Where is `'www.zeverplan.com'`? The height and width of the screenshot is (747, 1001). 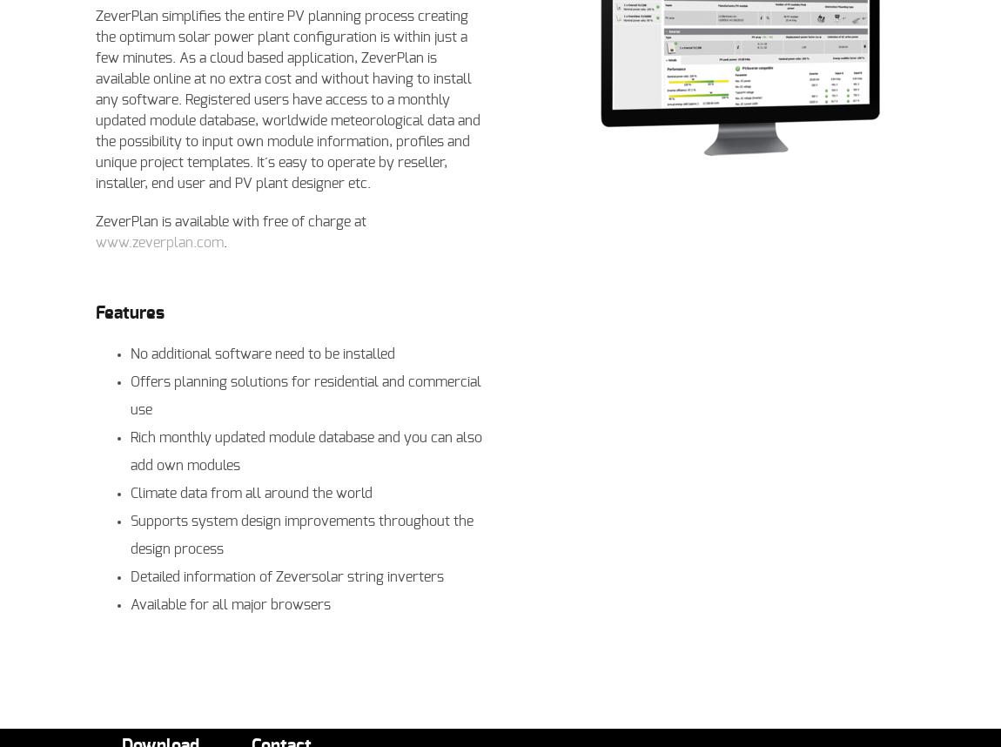
'www.zeverplan.com' is located at coordinates (158, 243).